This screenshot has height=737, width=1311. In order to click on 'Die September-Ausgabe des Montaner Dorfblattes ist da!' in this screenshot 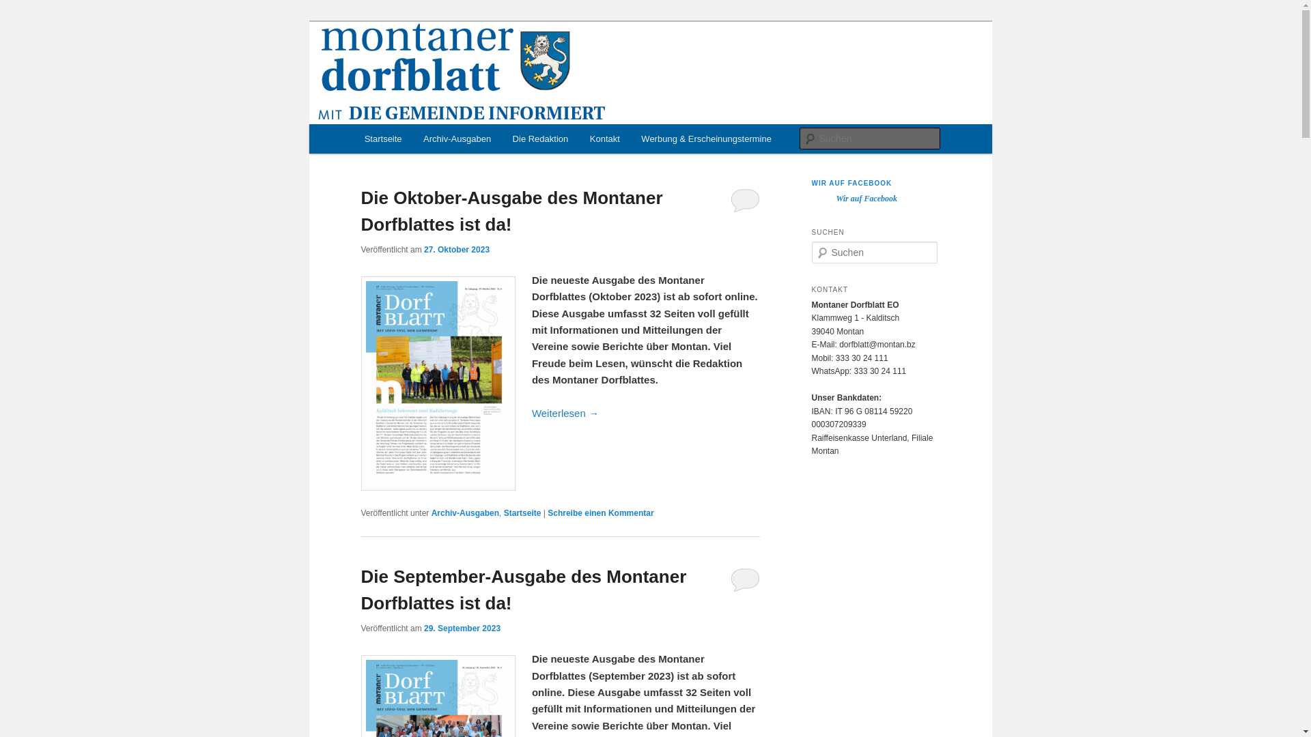, I will do `click(522, 589)`.